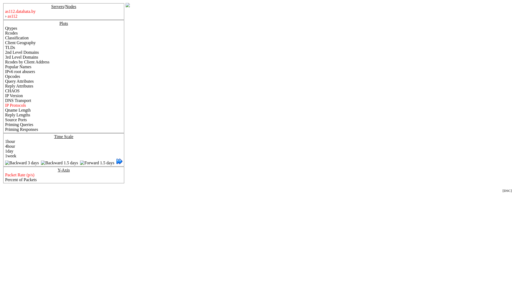  Describe the element at coordinates (13, 76) in the screenshot. I see `'Opcodes'` at that location.